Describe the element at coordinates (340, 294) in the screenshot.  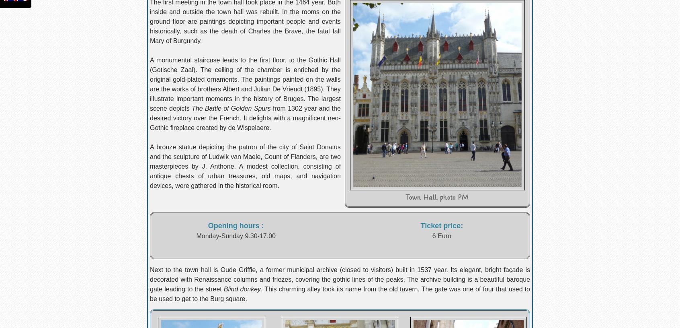
I see `'. This charming alley took its name from the old tavern. The gate was one of four that used to be used to get to the Burg square.'` at that location.